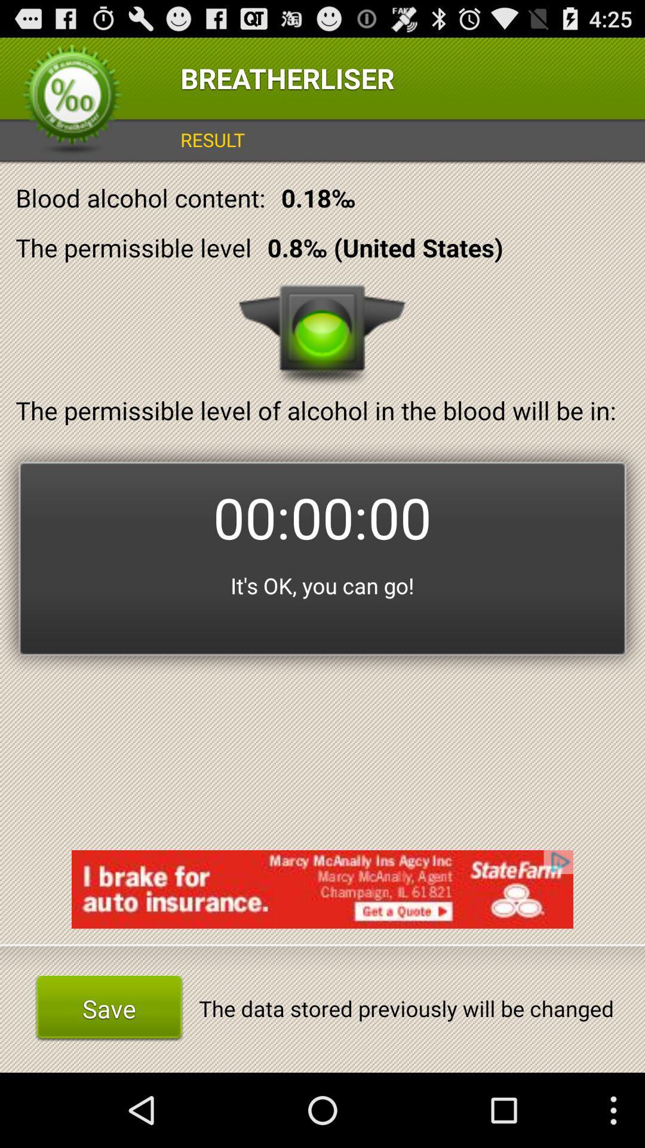  I want to click on save icon, so click(109, 1007).